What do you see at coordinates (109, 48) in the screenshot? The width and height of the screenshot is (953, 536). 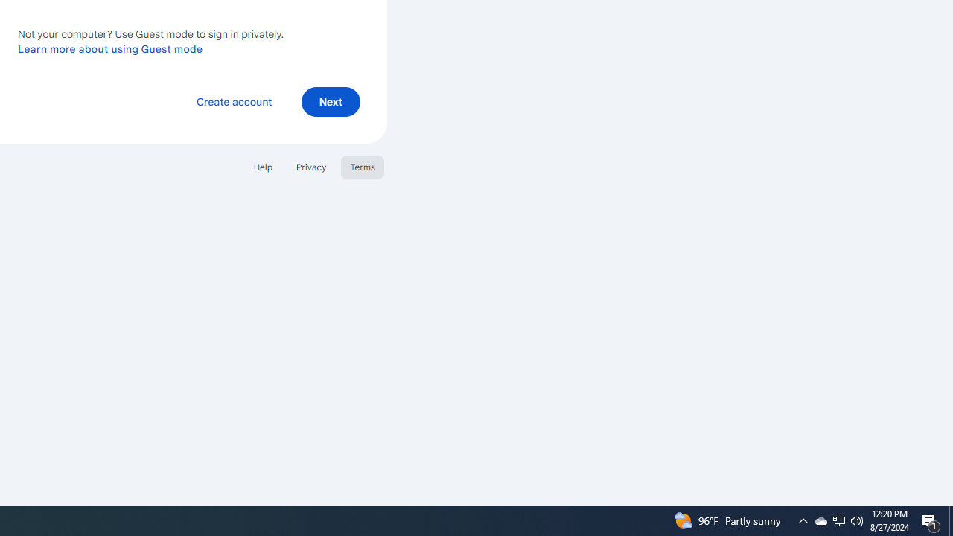 I see `'Learn more about using Guest mode'` at bounding box center [109, 48].